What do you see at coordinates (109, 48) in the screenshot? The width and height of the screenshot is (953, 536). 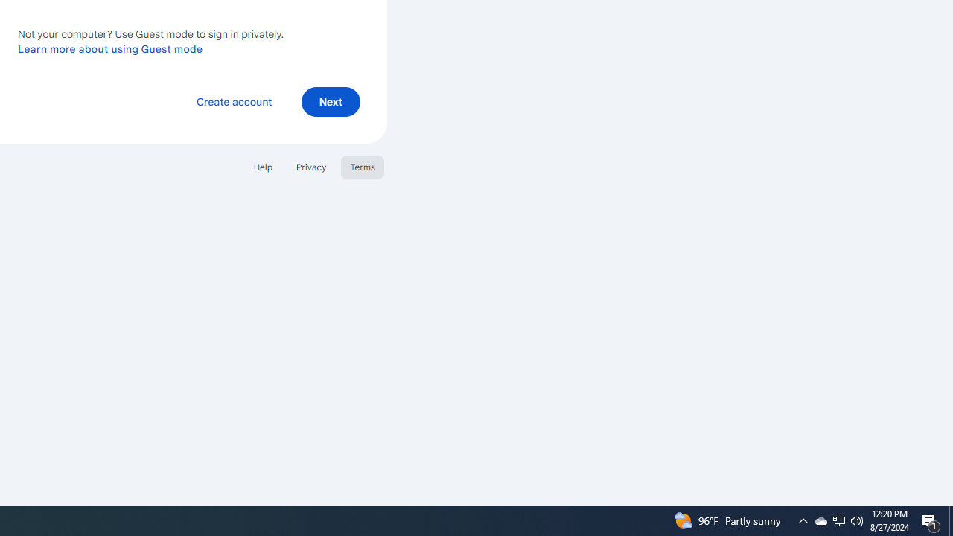 I see `'Learn more about using Guest mode'` at bounding box center [109, 48].